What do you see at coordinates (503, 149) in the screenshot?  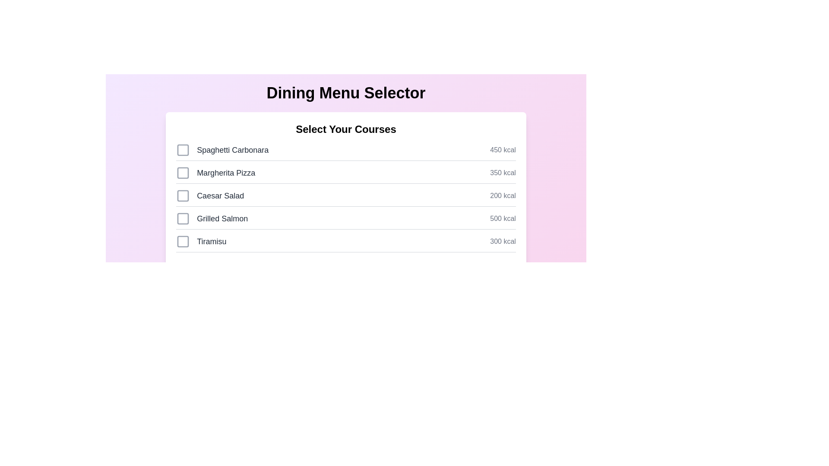 I see `the calorie information for Spaghetti Carbonara` at bounding box center [503, 149].